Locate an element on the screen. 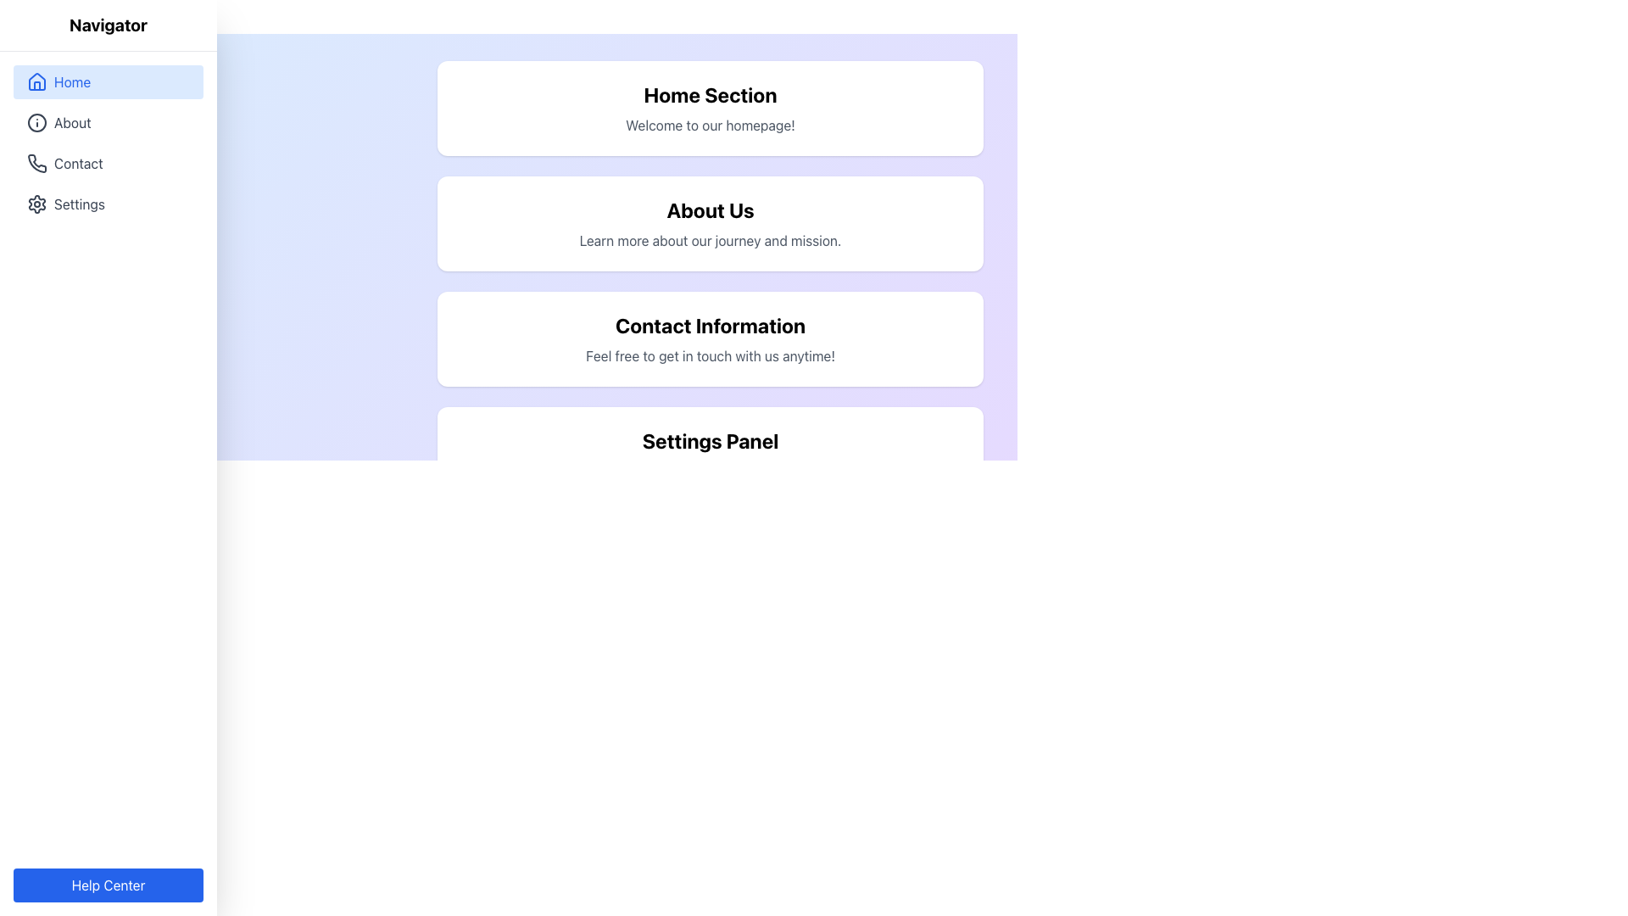  text element that provides additional context or information related to the 'About Us' section, located below the title 'About Us' is located at coordinates (711, 241).